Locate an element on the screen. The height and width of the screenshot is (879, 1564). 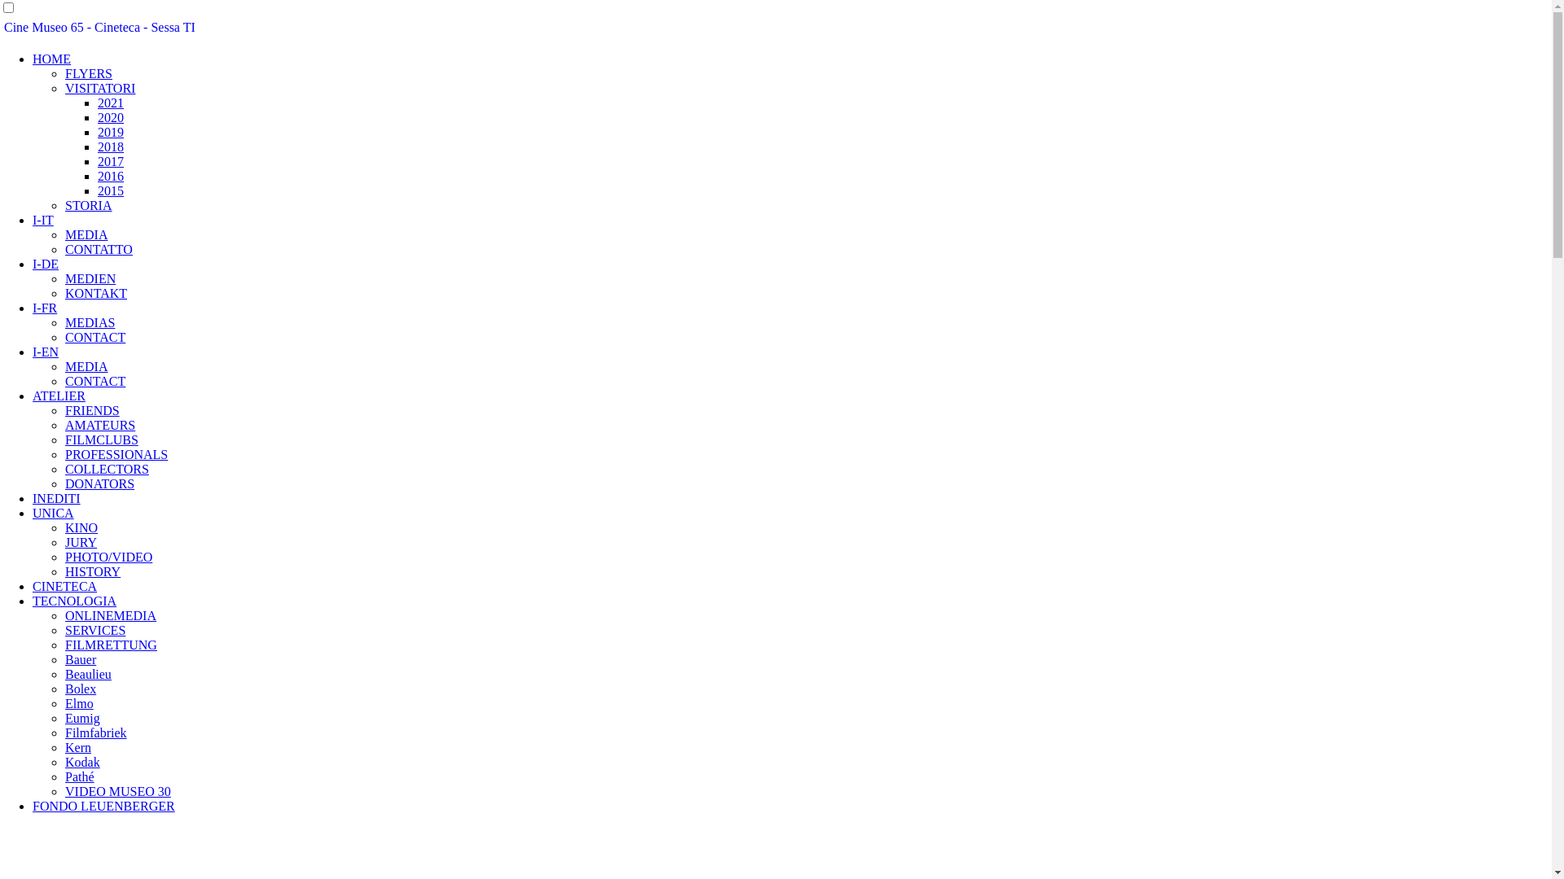
'CONTACT' is located at coordinates (65, 336).